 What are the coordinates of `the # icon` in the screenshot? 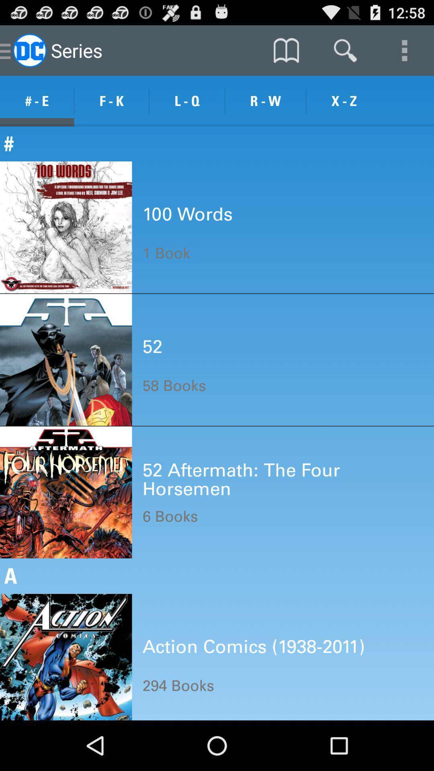 It's located at (217, 143).